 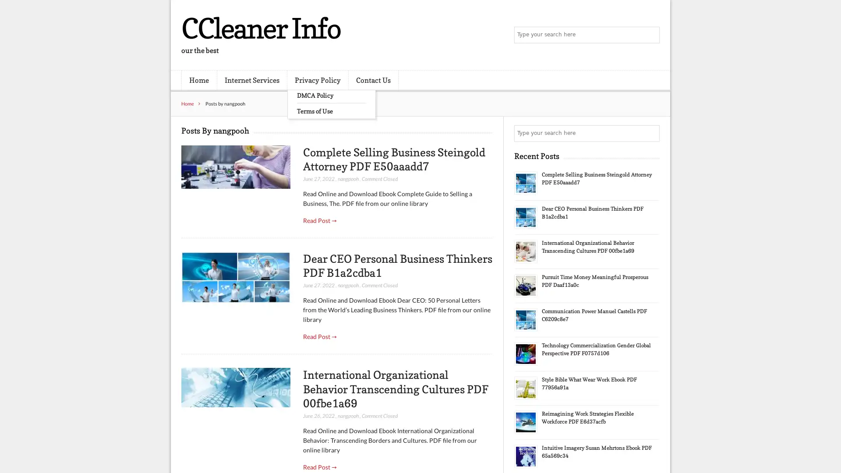 What do you see at coordinates (650, 35) in the screenshot?
I see `Search` at bounding box center [650, 35].